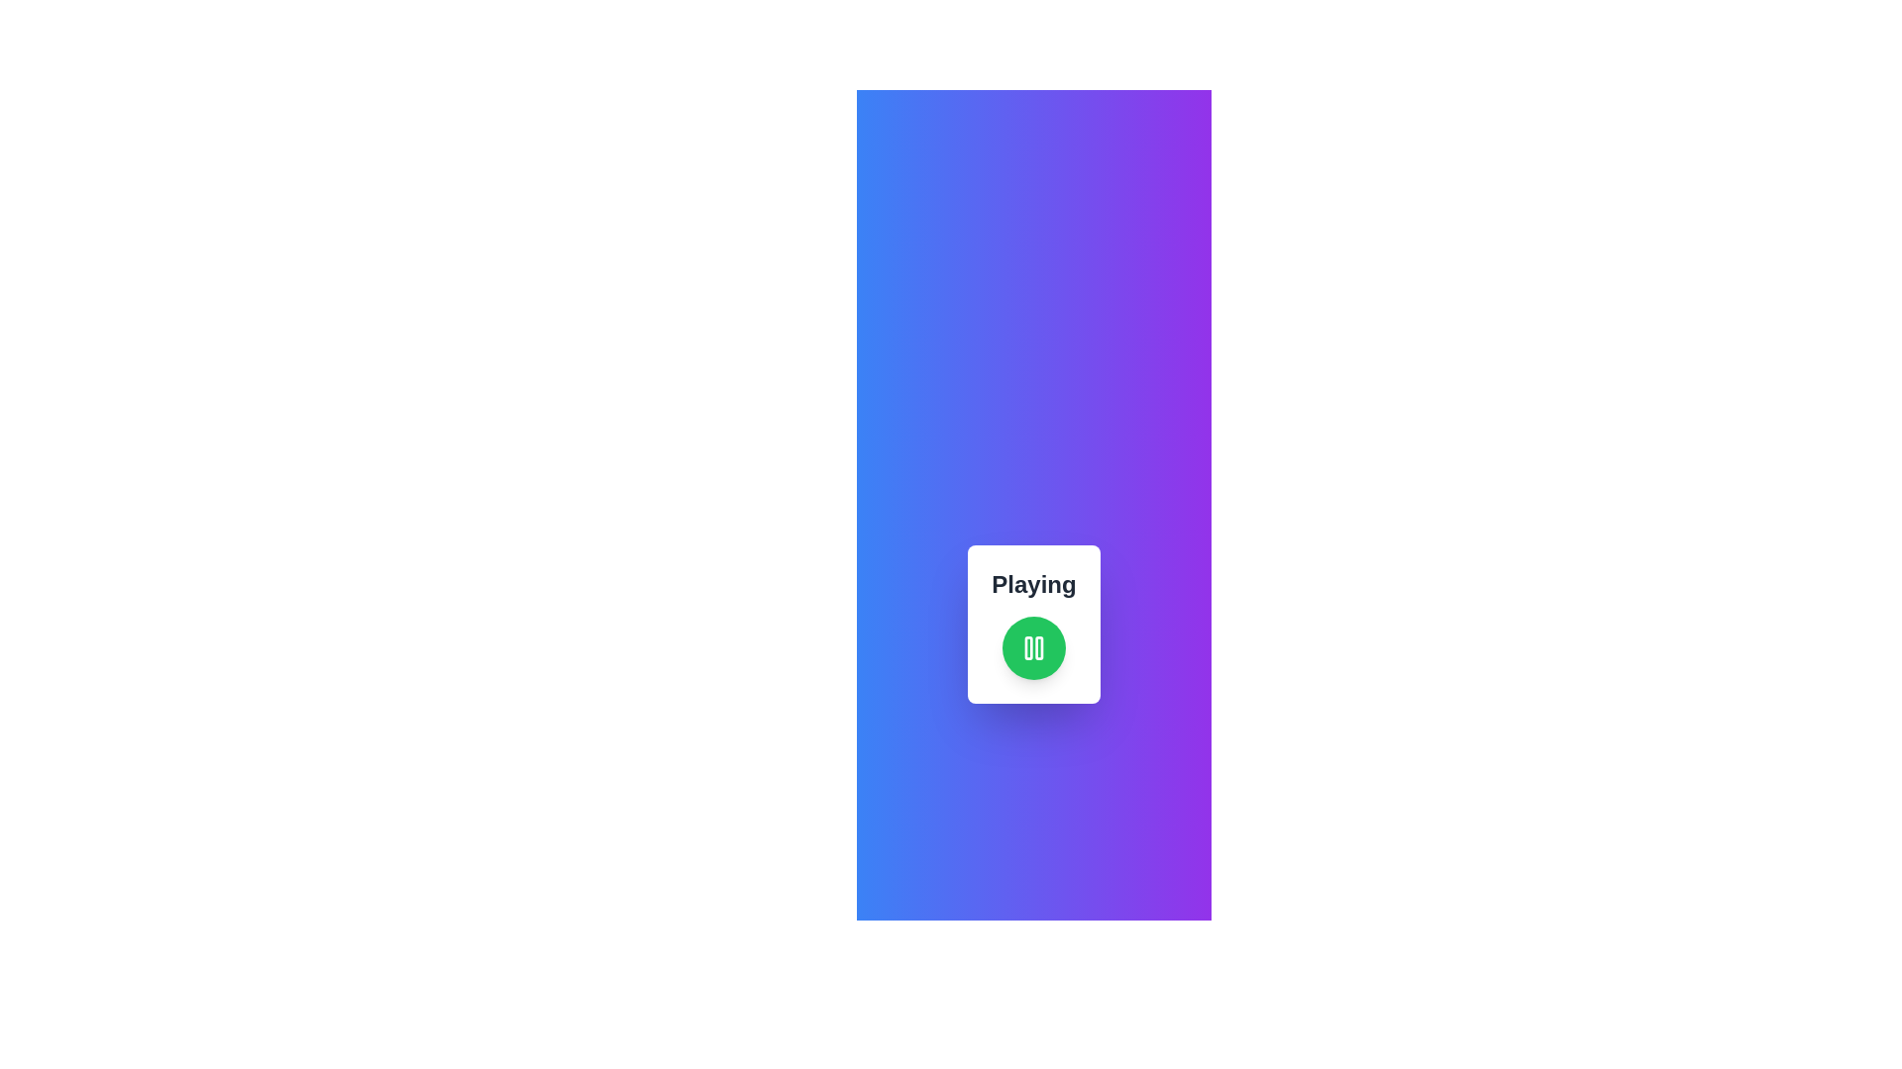 This screenshot has height=1069, width=1902. Describe the element at coordinates (1032, 648) in the screenshot. I see `the circular green button with a white pause icon` at that location.